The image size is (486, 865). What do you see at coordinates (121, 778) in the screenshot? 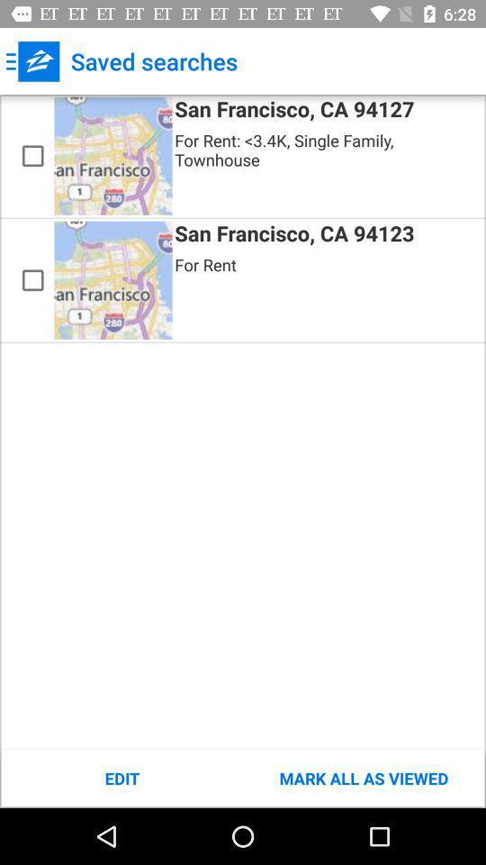
I see `edit icon` at bounding box center [121, 778].